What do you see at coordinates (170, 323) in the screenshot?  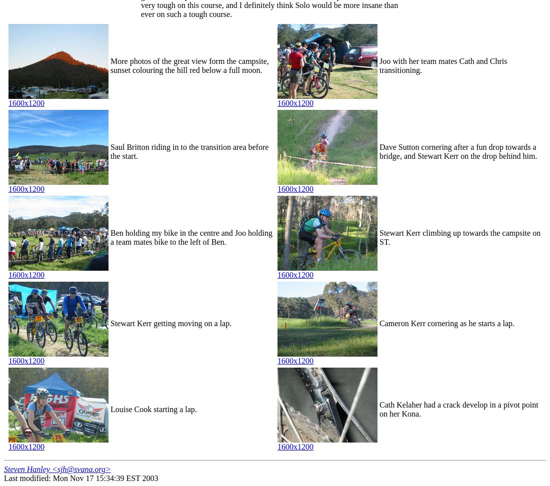 I see `'Stewart Kerr getting moving on a lap.'` at bounding box center [170, 323].